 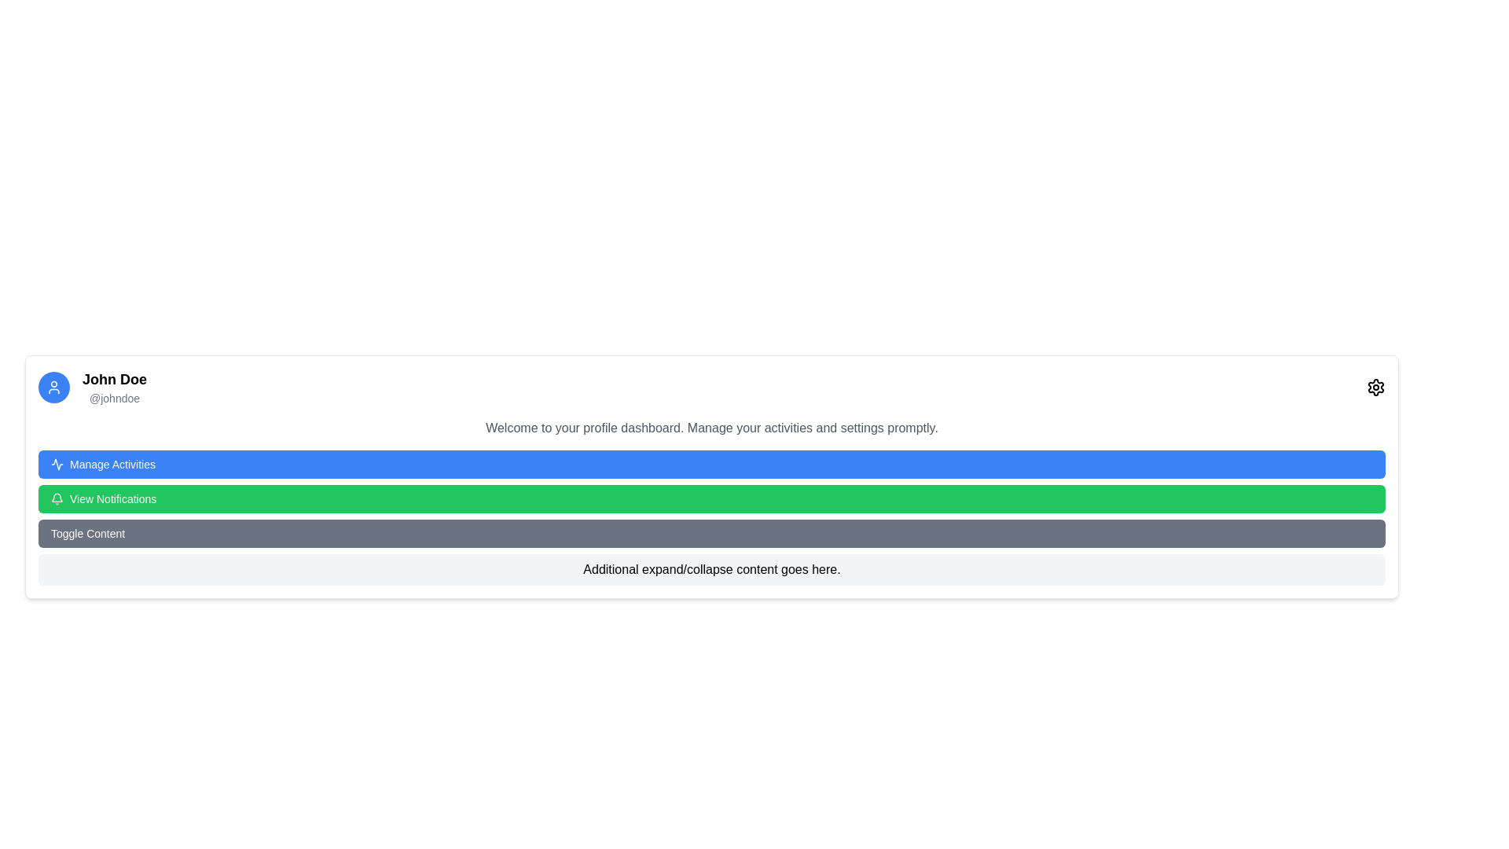 I want to click on the bell icon inside the green 'View Notifications' button, which indicates notification-related actions, so click(x=57, y=498).